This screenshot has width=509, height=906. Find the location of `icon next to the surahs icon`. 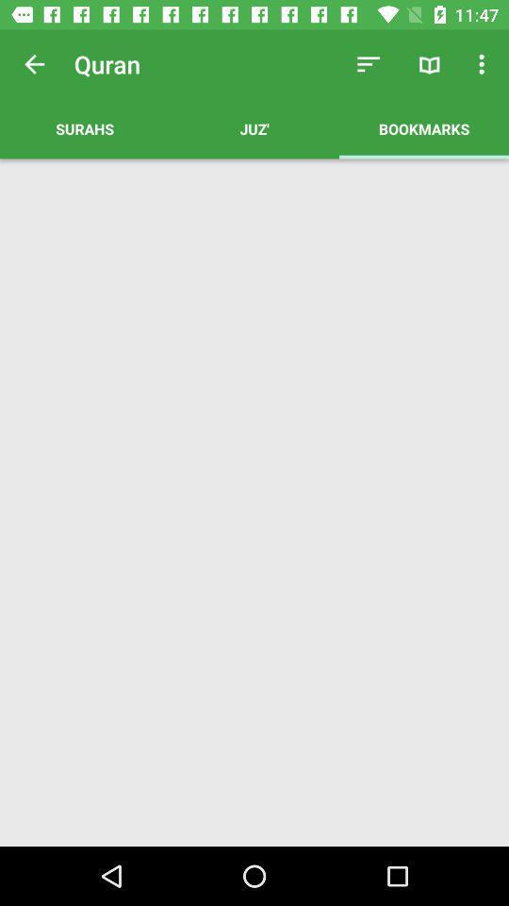

icon next to the surahs icon is located at coordinates (254, 127).